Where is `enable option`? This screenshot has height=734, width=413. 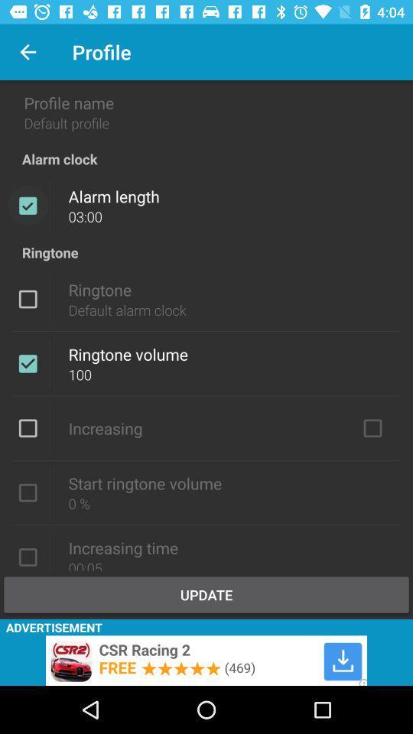 enable option is located at coordinates (28, 492).